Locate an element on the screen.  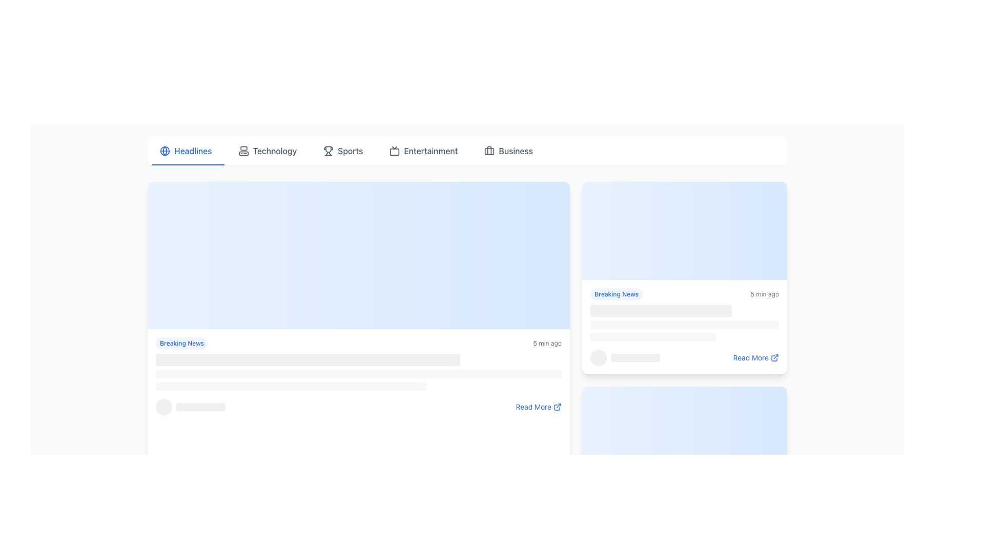
the 'Entertainment' navigation button located in the horizontal navigation bar at the top of the interface is located at coordinates (423, 151).